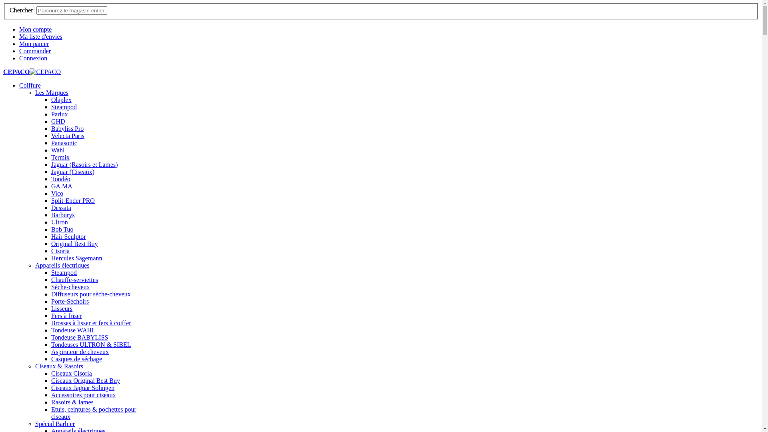 The image size is (768, 432). Describe the element at coordinates (51, 121) in the screenshot. I see `'GHD'` at that location.